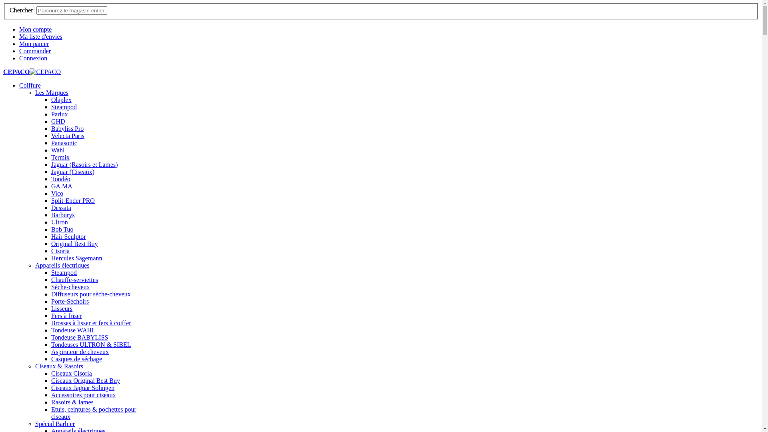 The image size is (768, 432). Describe the element at coordinates (51, 121) in the screenshot. I see `'GHD'` at that location.